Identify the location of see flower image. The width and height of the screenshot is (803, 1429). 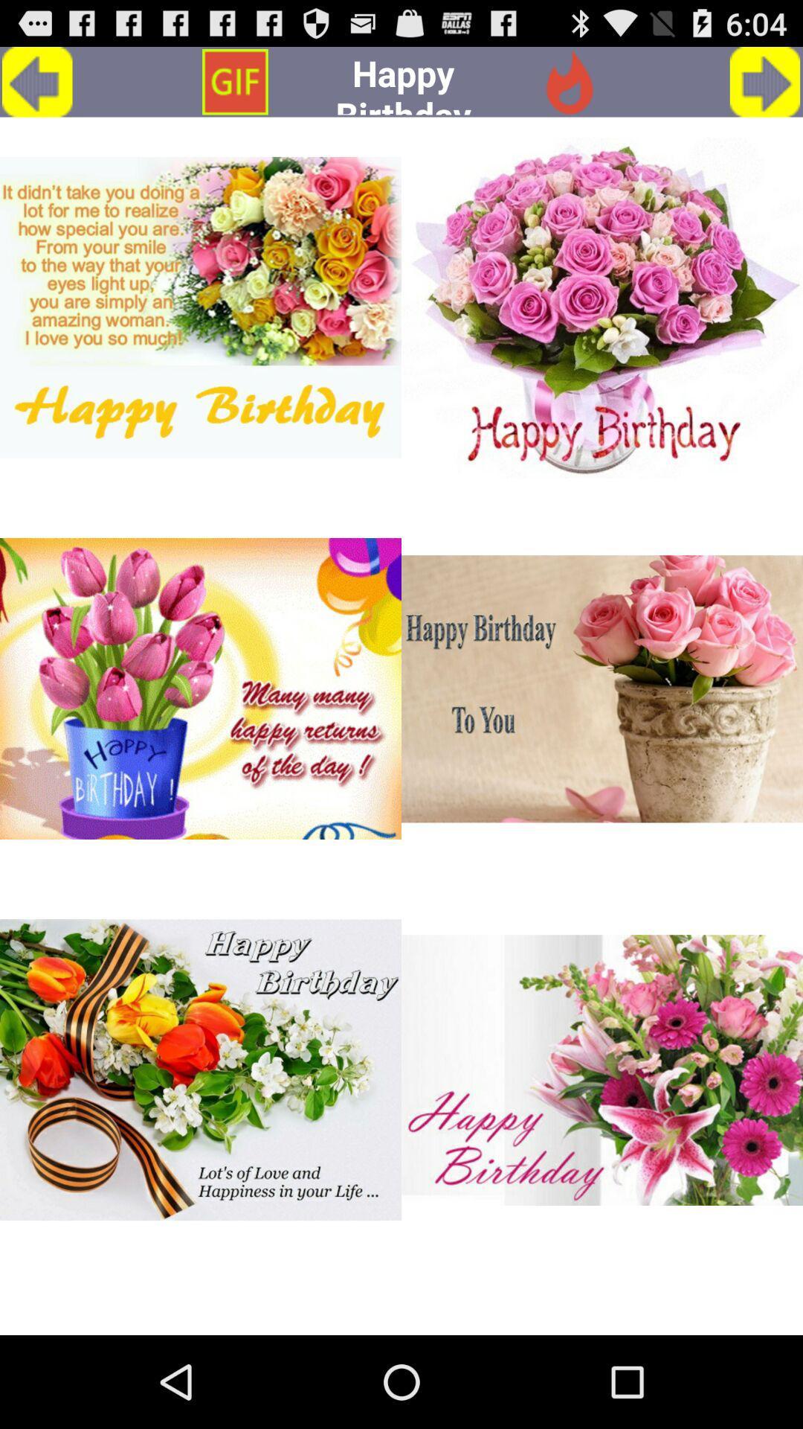
(602, 307).